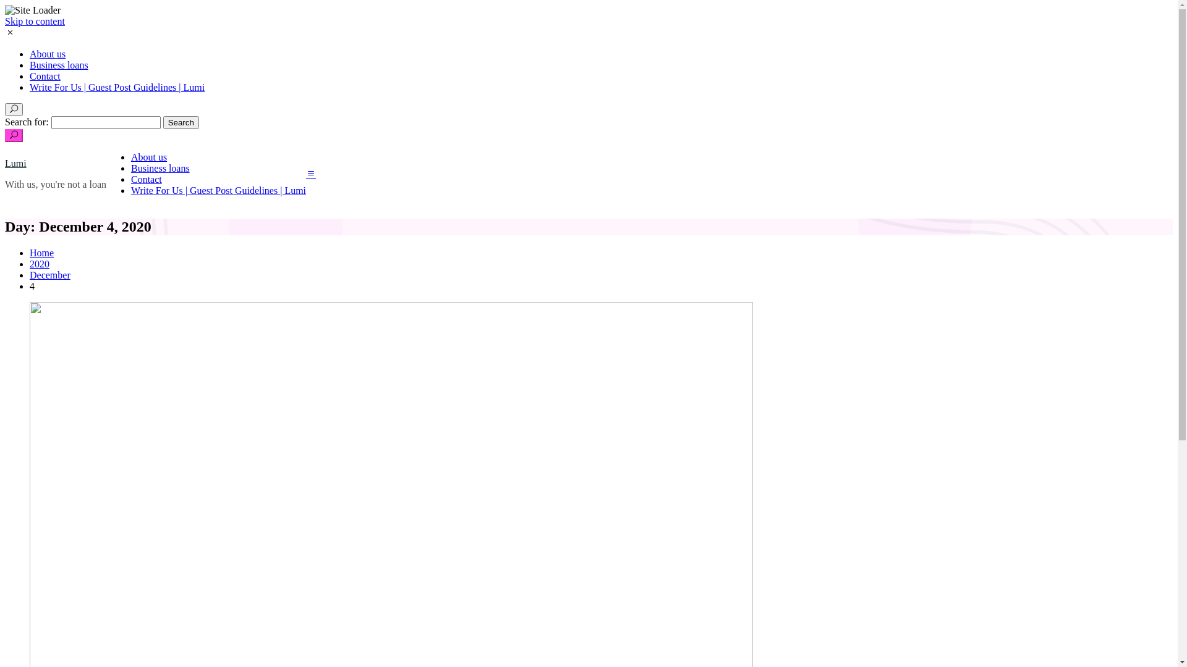 This screenshot has height=667, width=1187. I want to click on 'About us', so click(148, 156).